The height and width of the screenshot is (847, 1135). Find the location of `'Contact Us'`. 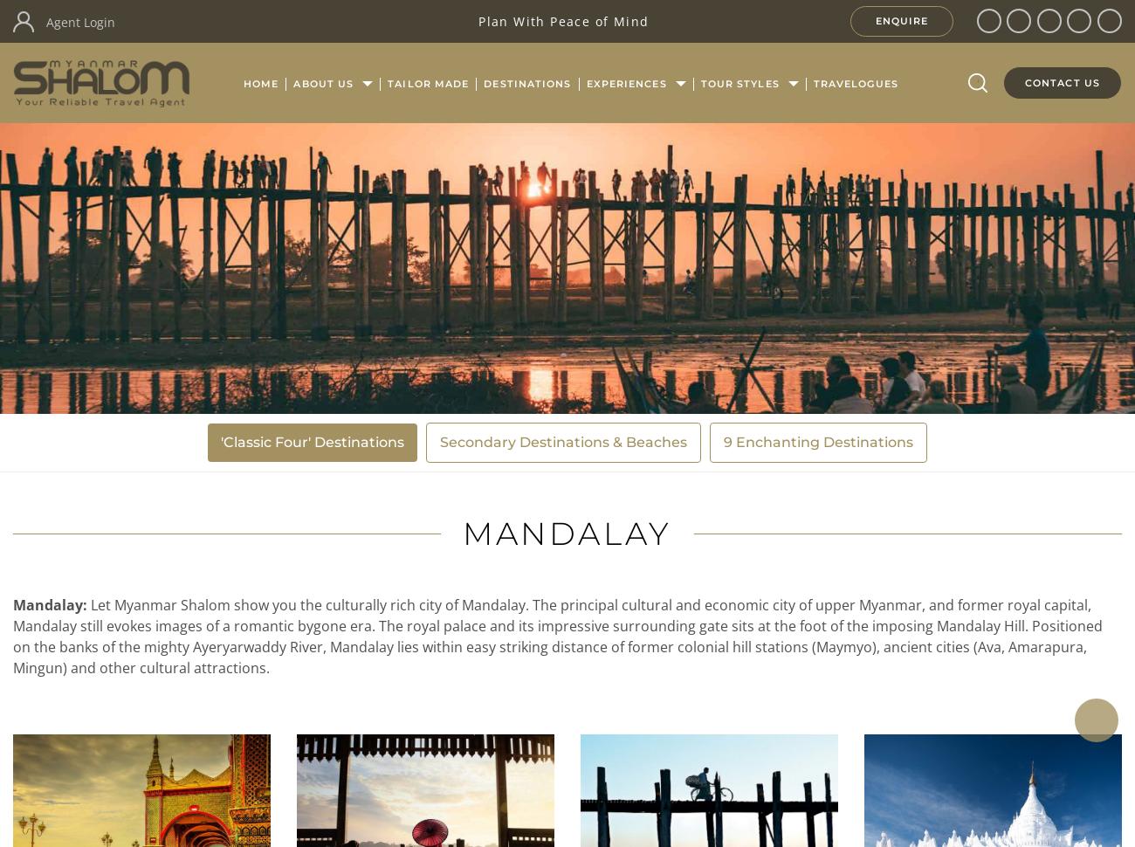

'Contact Us' is located at coordinates (1061, 80).